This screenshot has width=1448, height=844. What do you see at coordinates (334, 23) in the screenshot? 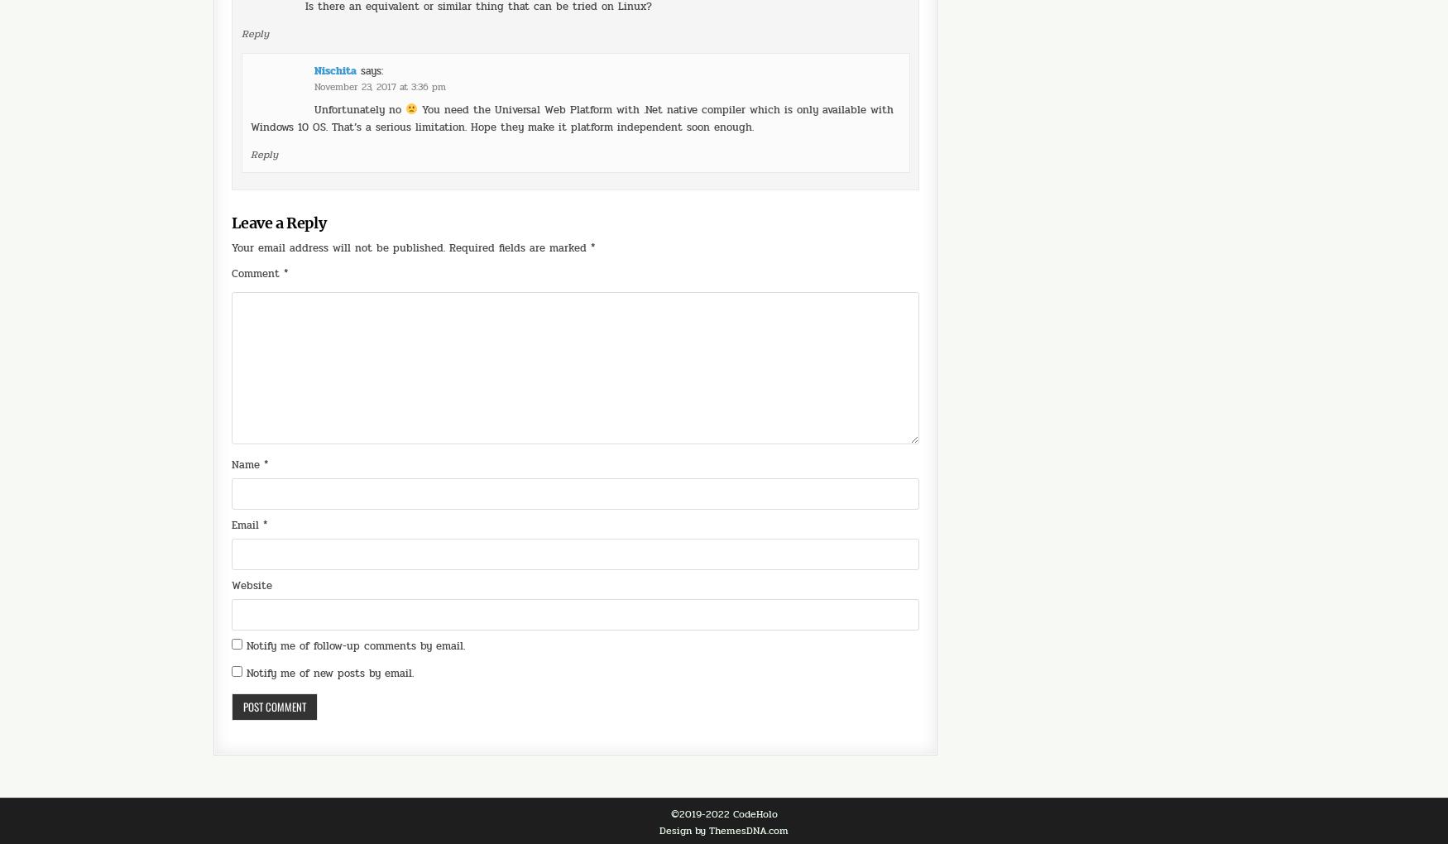
I see `'Nischita'` at bounding box center [334, 23].